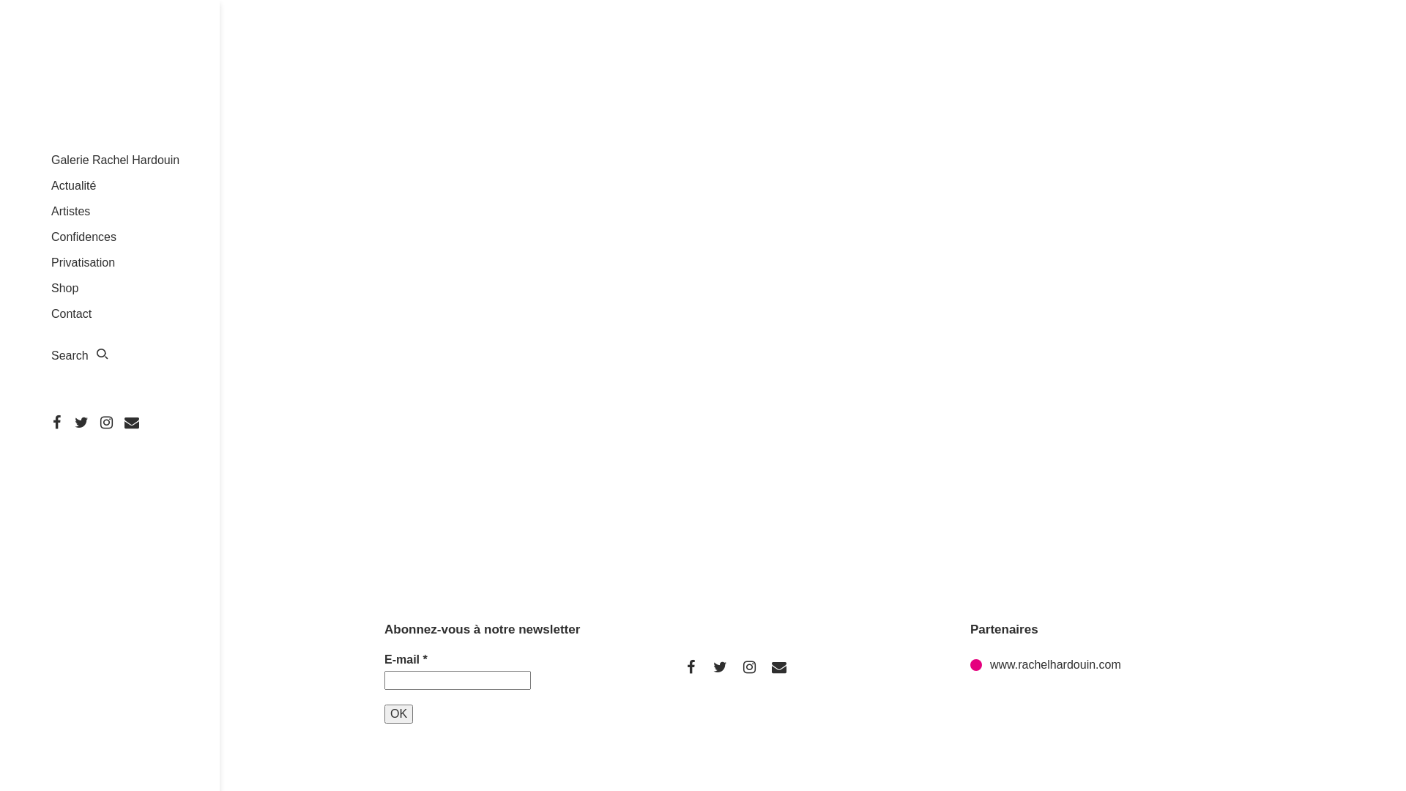 Image resolution: width=1406 pixels, height=791 pixels. I want to click on 'Shop', so click(51, 288).